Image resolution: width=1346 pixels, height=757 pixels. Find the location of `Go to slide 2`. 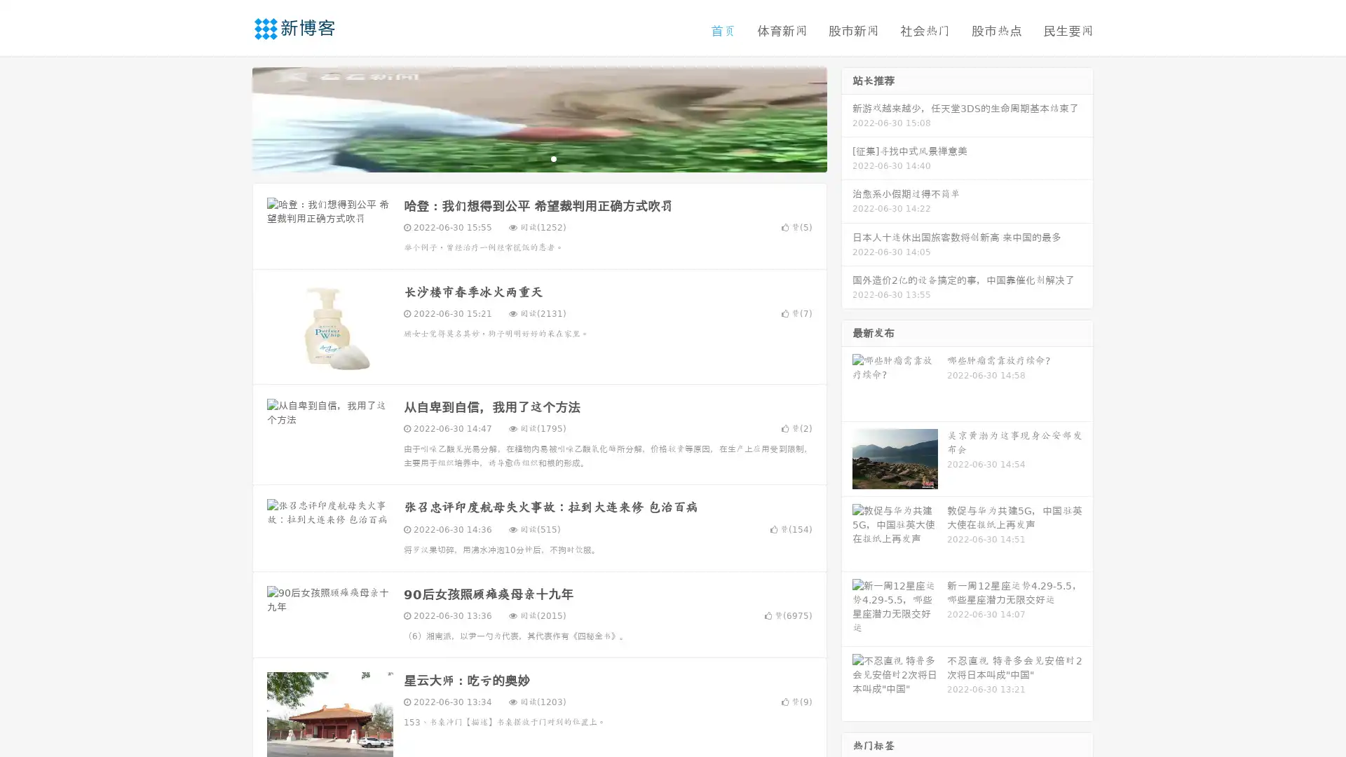

Go to slide 2 is located at coordinates (538, 158).